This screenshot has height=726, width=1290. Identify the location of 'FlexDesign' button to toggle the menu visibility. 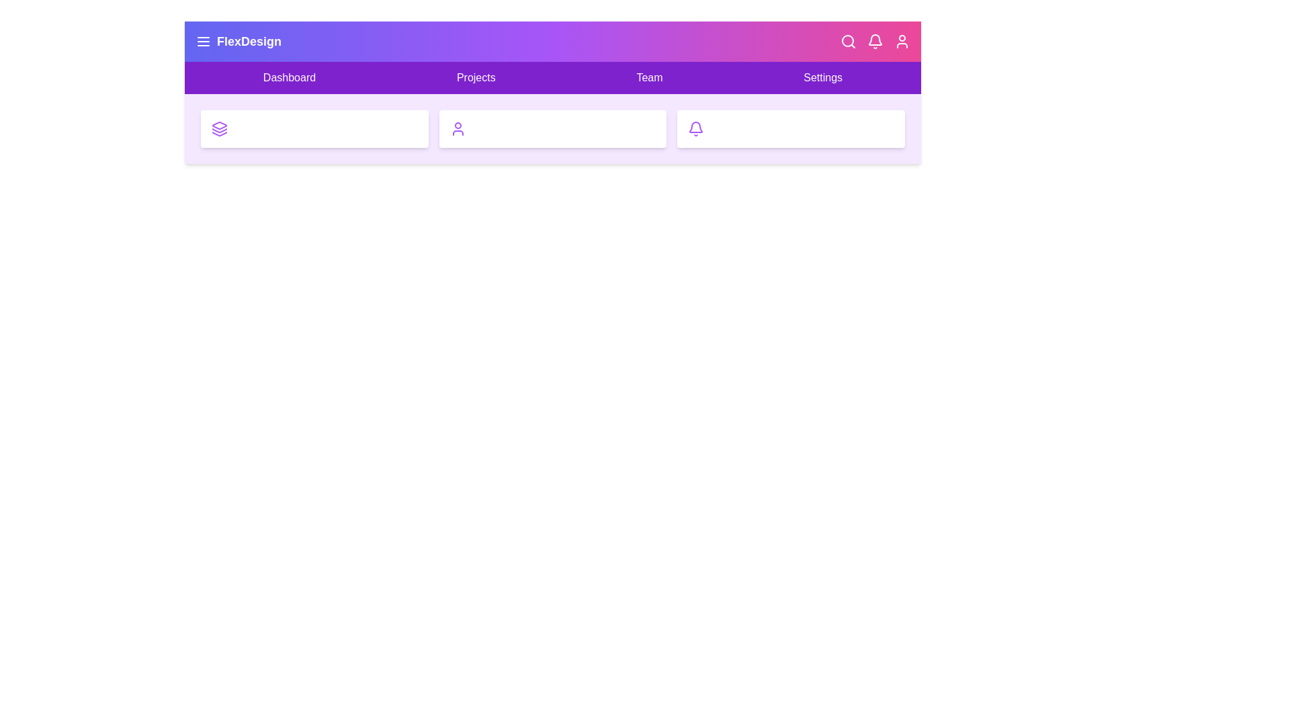
(239, 40).